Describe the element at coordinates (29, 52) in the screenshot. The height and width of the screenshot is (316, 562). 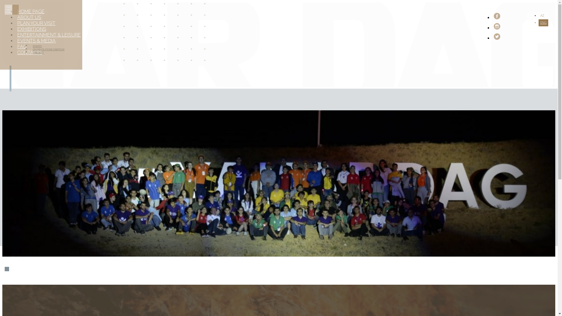
I see `'CONTACTS'` at that location.